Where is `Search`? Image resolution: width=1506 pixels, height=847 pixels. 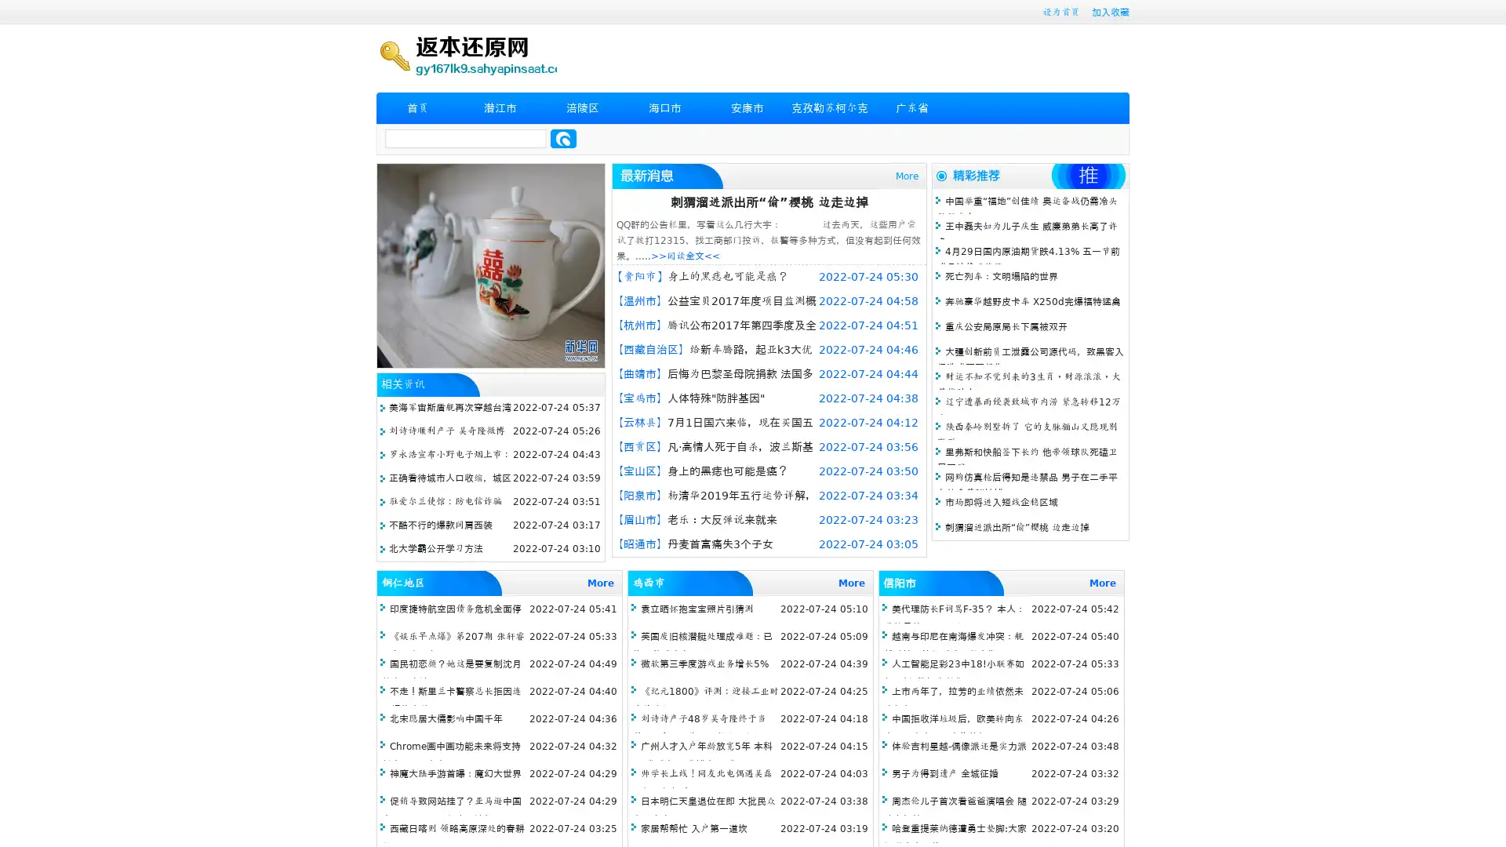
Search is located at coordinates (563, 138).